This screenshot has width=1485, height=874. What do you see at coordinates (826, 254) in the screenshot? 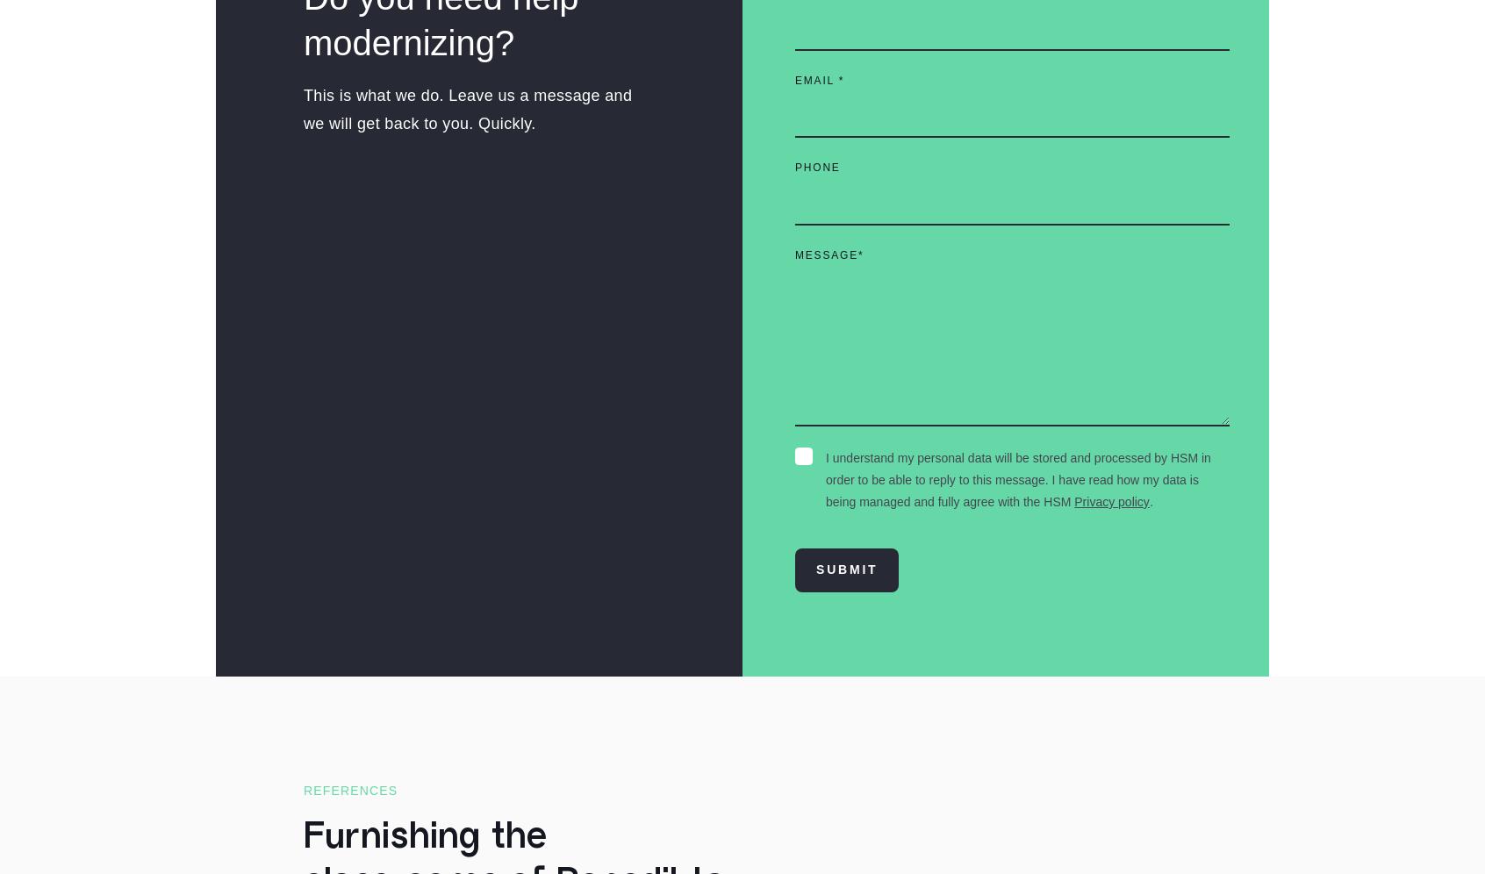
I see `'Message'` at bounding box center [826, 254].